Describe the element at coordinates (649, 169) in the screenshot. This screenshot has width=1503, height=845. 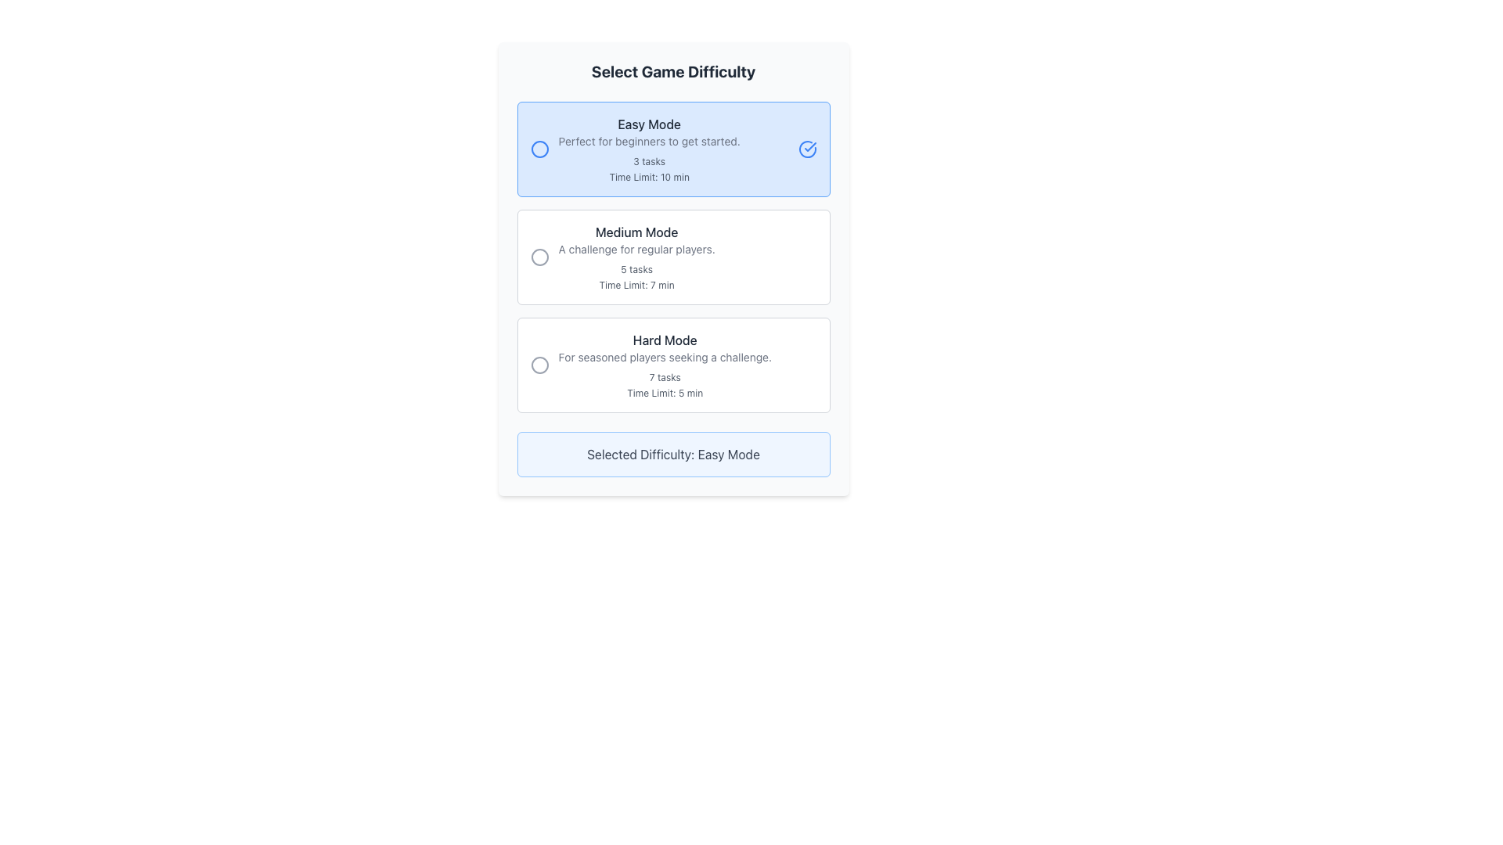
I see `the Text Block located in the blue-highlighted section labeled 'Easy Mode', below the description 'Perfect for beginners to get started'` at that location.